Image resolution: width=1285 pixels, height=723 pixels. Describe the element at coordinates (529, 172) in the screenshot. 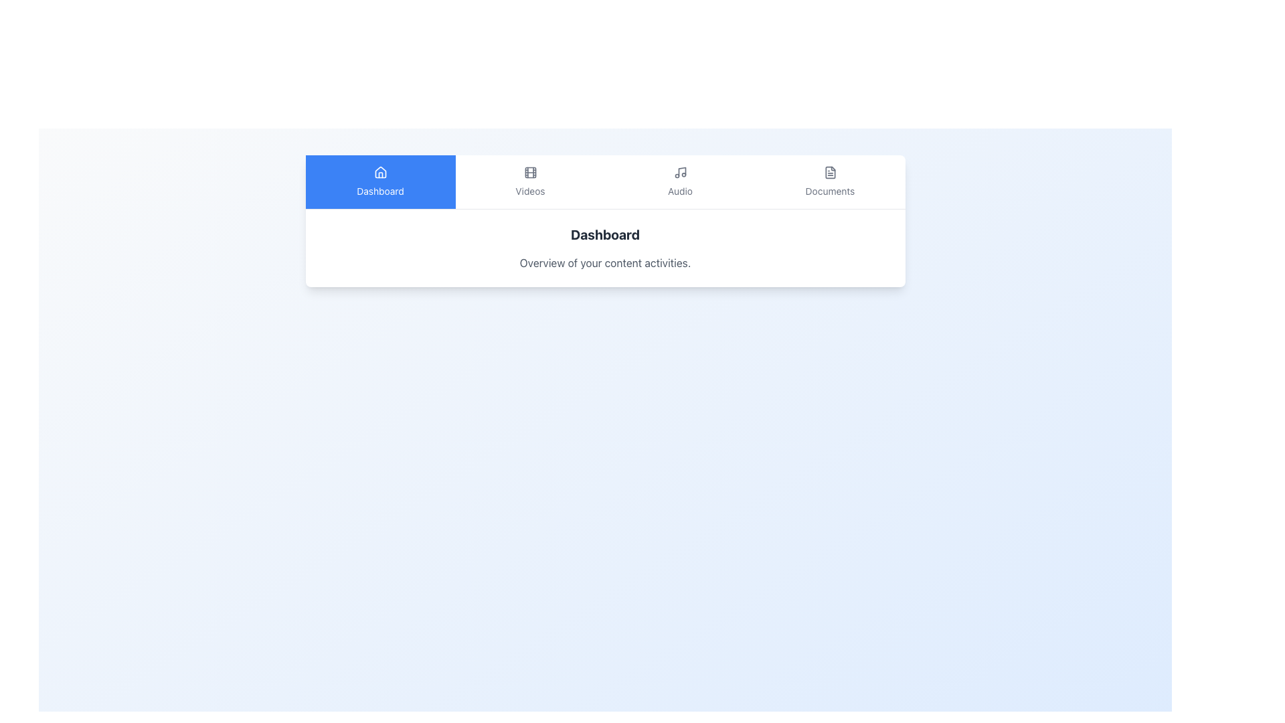

I see `the 'Videos' icon located in the navigation bar, which is positioned second from the left, between the 'Dashboard' and 'Audio' sections, for any aesthetic or functional cues` at that location.